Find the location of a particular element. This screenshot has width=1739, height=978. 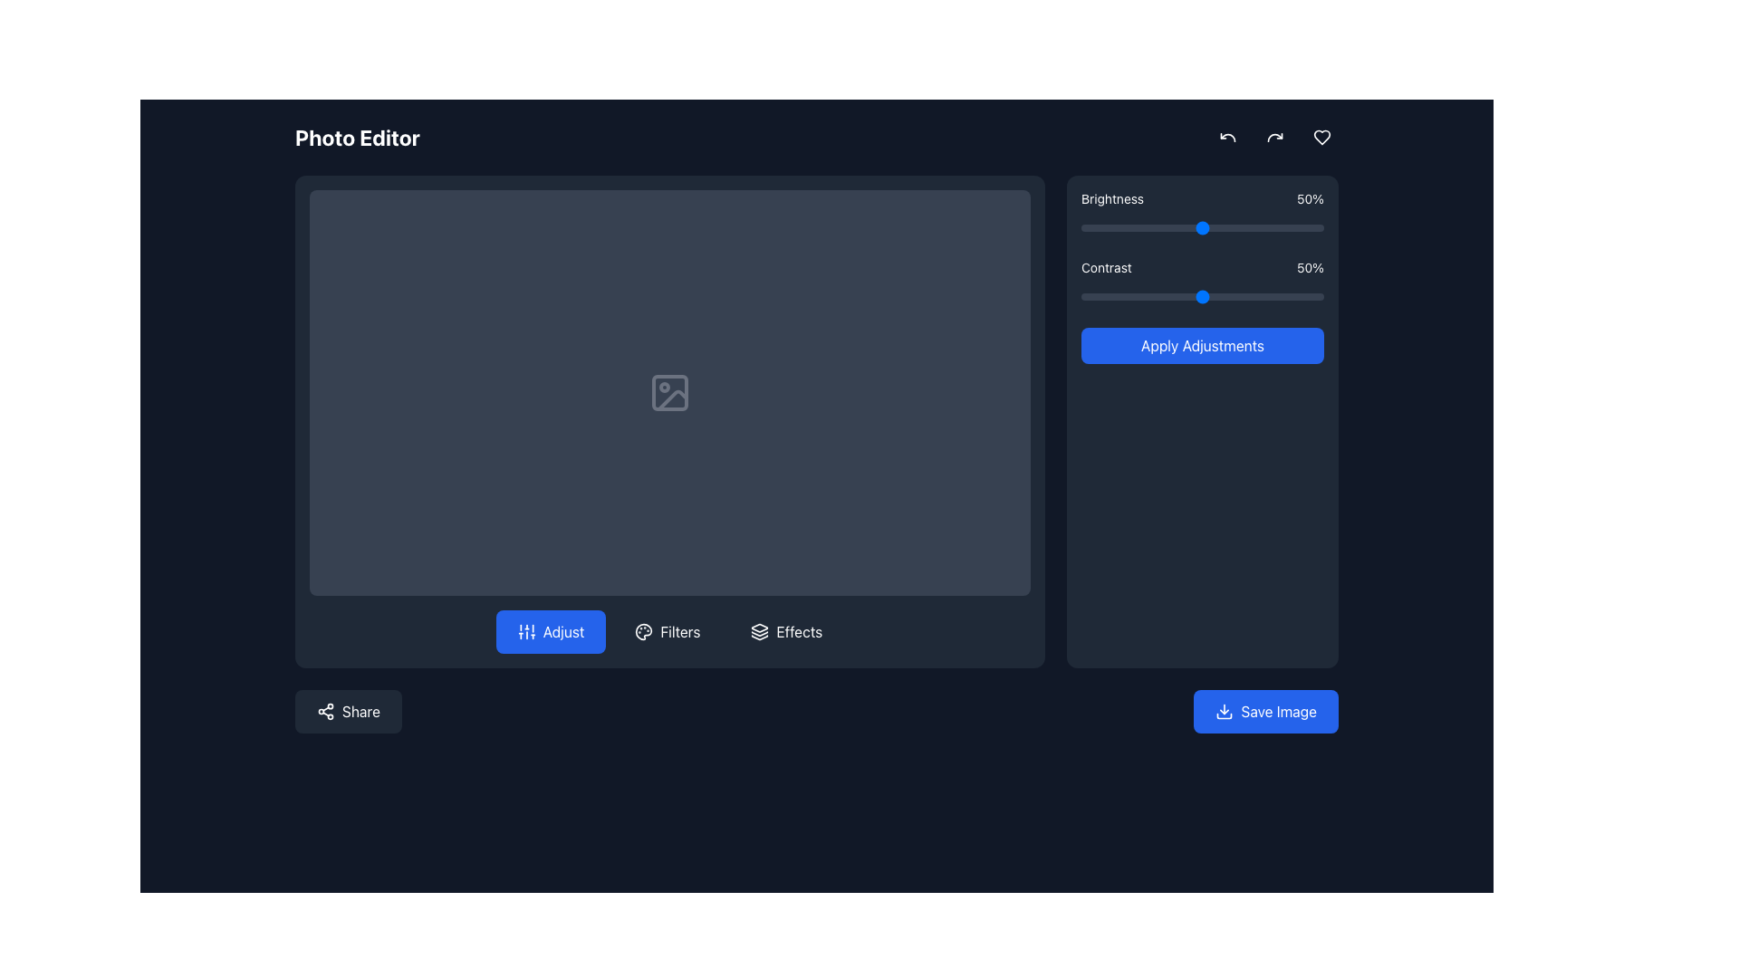

the text display element that shows '50%' in white font against a dark background, located in the contrast adjustment section of the right-side panel is located at coordinates (1311, 268).